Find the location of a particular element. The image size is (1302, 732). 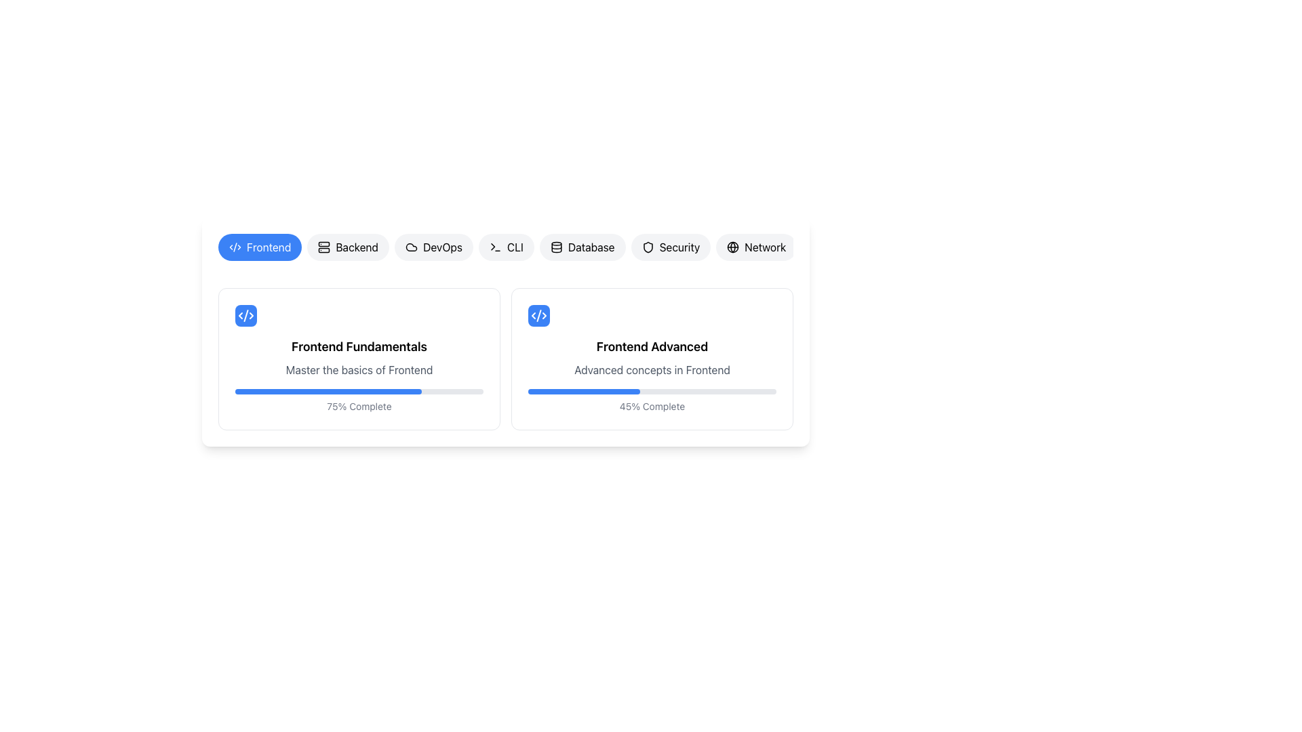

the progress bar located at the bottom section of the 'Frontend Advanced' card, which indicates that 45% of the associated course is complete is located at coordinates (652, 392).